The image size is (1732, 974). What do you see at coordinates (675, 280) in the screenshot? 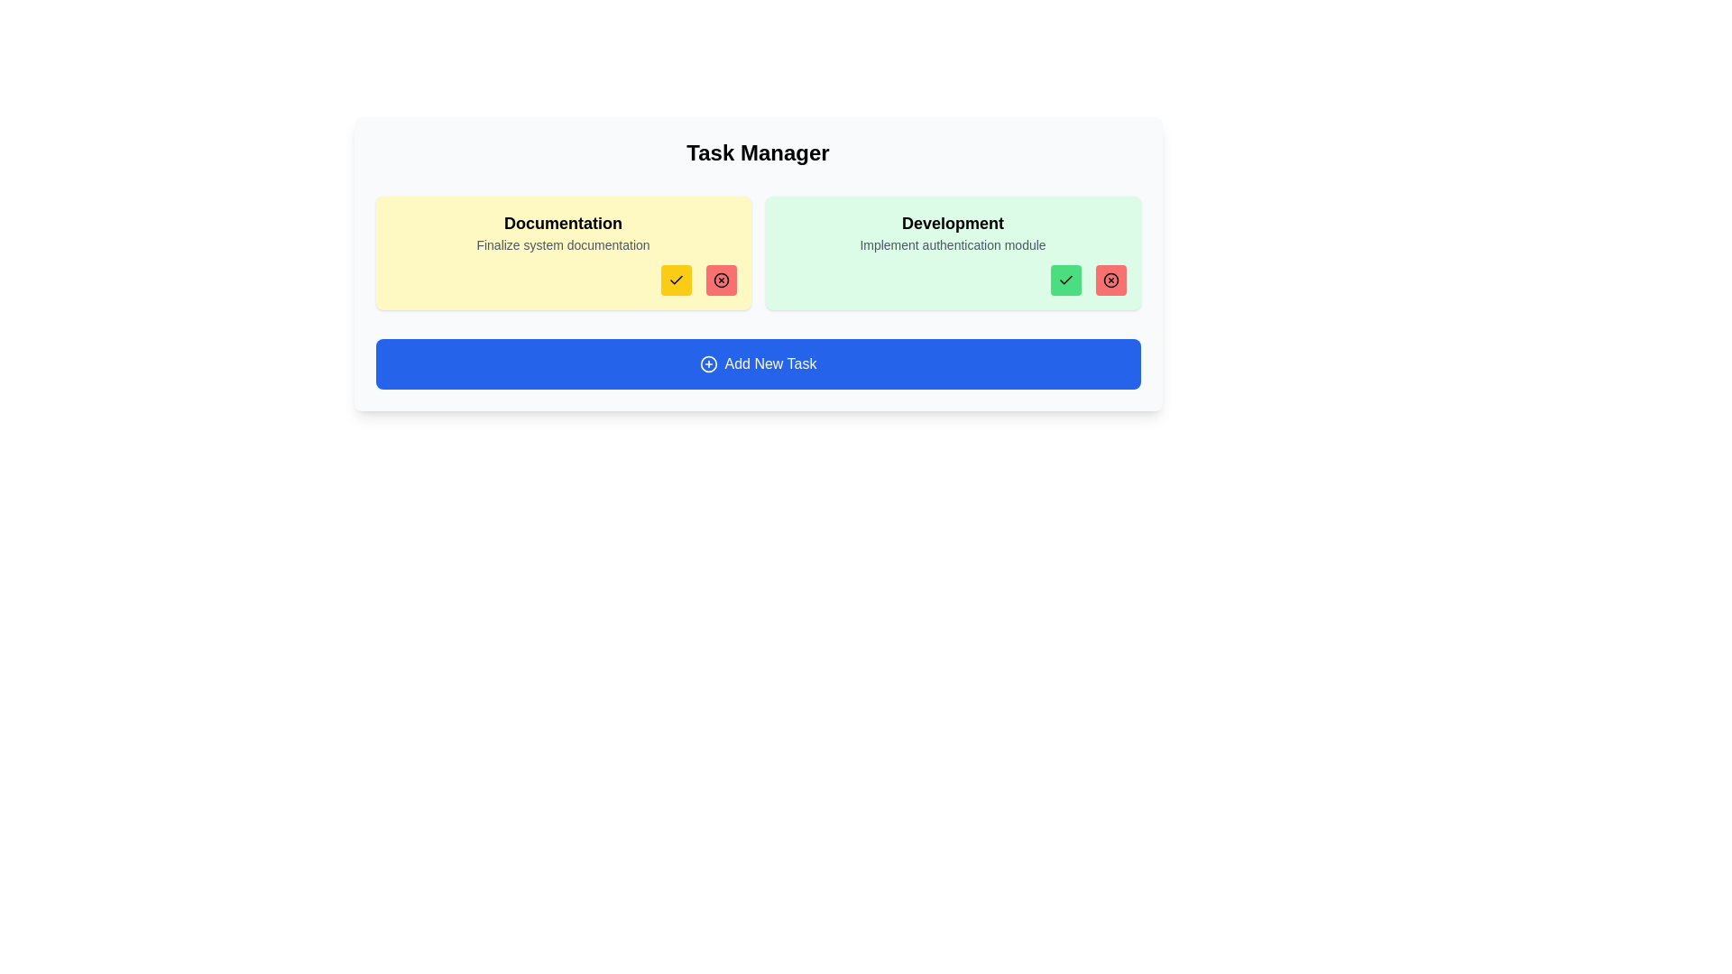
I see `the checkmark icon in the upper-right corner of the yellow-colored task card labeled 'Documentation'` at bounding box center [675, 280].